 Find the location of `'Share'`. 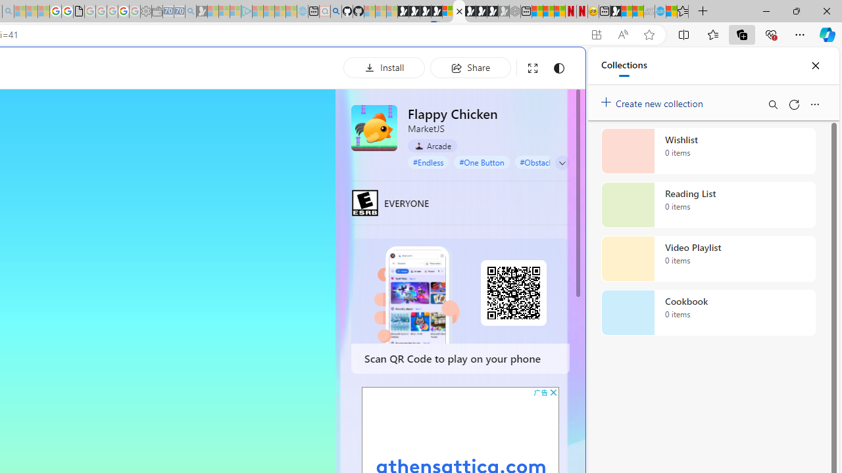

'Share' is located at coordinates (470, 67).